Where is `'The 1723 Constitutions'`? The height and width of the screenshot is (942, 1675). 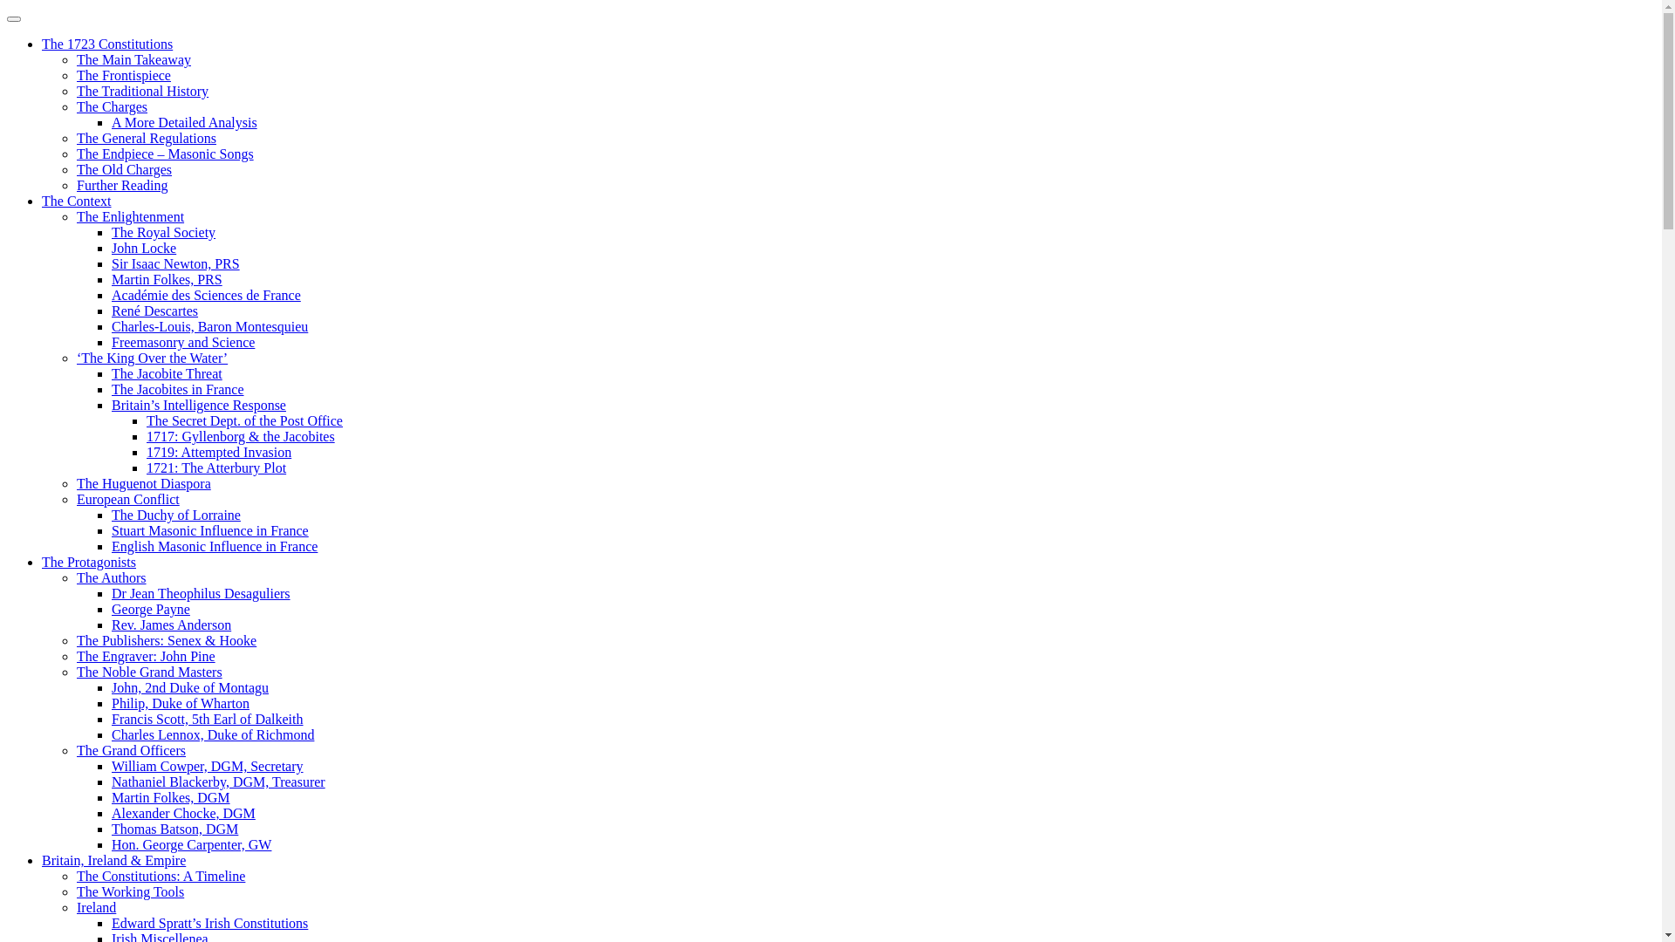 'The 1723 Constitutions' is located at coordinates (106, 43).